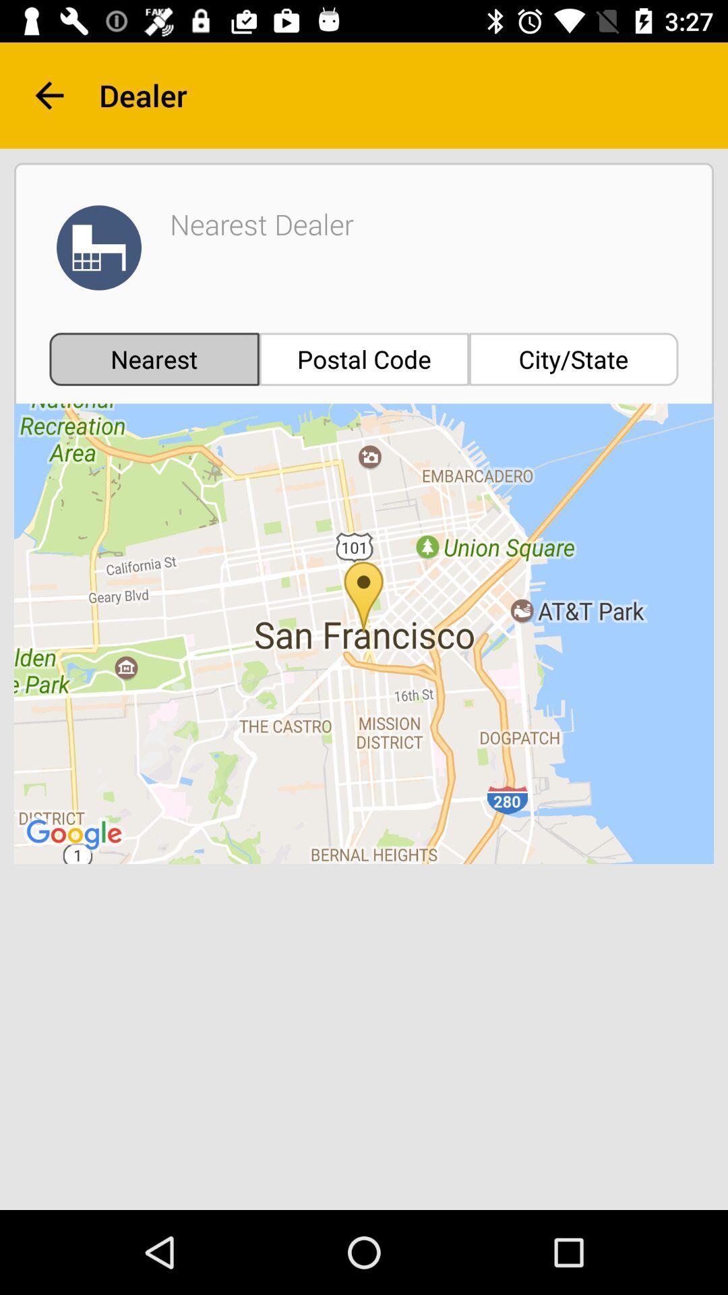  What do you see at coordinates (49, 94) in the screenshot?
I see `item next to dealer item` at bounding box center [49, 94].